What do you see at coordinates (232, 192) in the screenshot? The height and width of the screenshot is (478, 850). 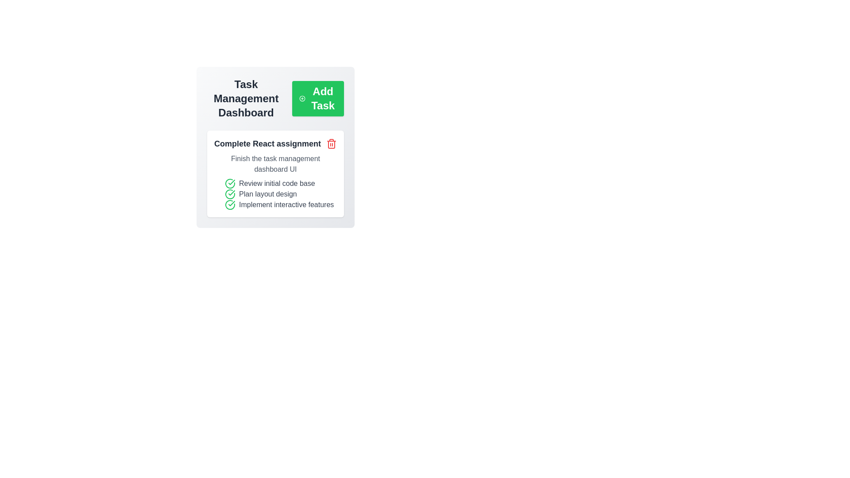 I see `the green checkmark vector icon within the completed task circle in the checklist UI` at bounding box center [232, 192].